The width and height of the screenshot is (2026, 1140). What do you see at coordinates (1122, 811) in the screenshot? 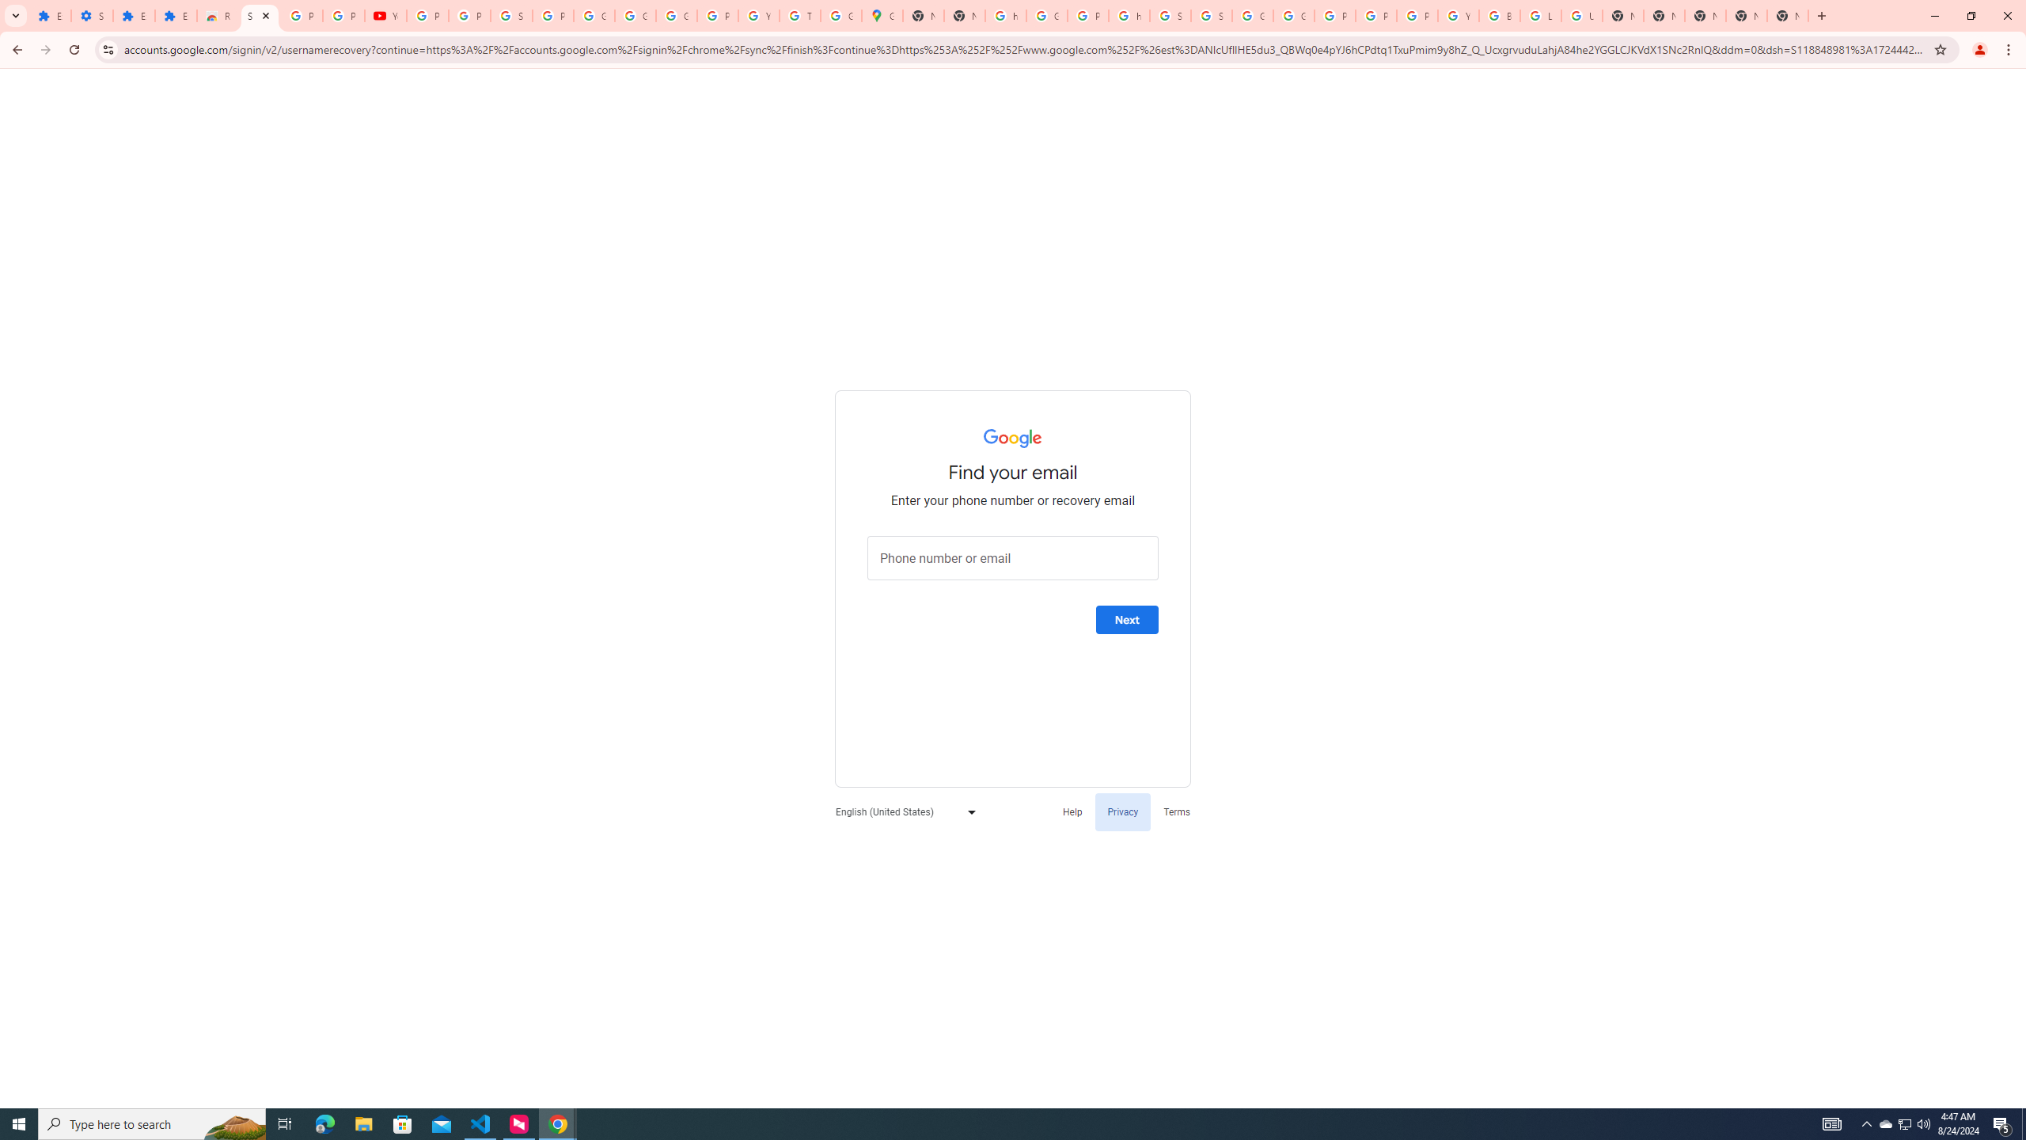
I see `'Privacy'` at bounding box center [1122, 811].